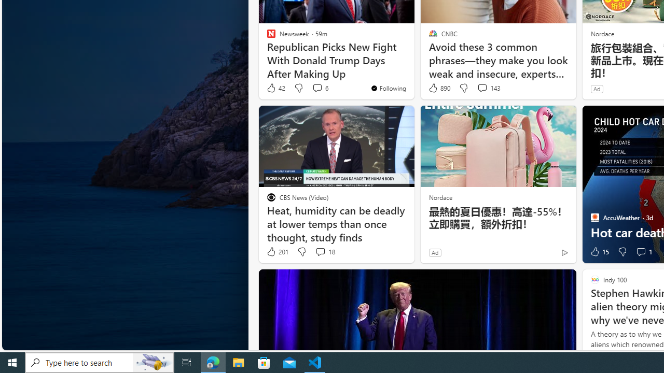 Image resolution: width=664 pixels, height=373 pixels. Describe the element at coordinates (435, 252) in the screenshot. I see `'Ad'` at that location.